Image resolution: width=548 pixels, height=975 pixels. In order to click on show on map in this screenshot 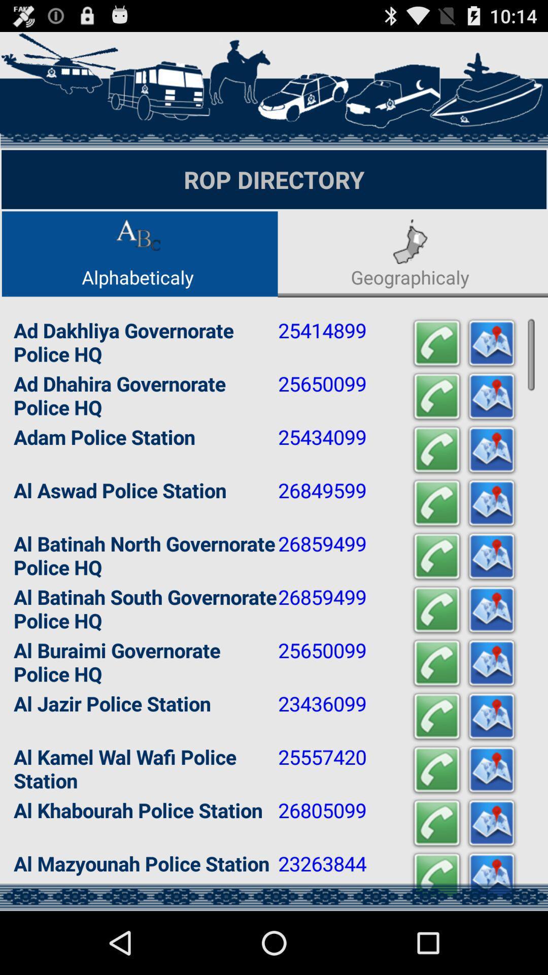, I will do `click(491, 503)`.